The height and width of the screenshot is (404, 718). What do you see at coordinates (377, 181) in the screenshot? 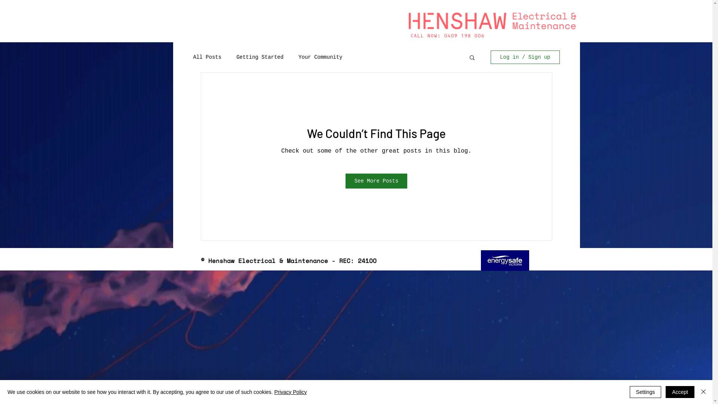
I see `'See More Posts'` at bounding box center [377, 181].